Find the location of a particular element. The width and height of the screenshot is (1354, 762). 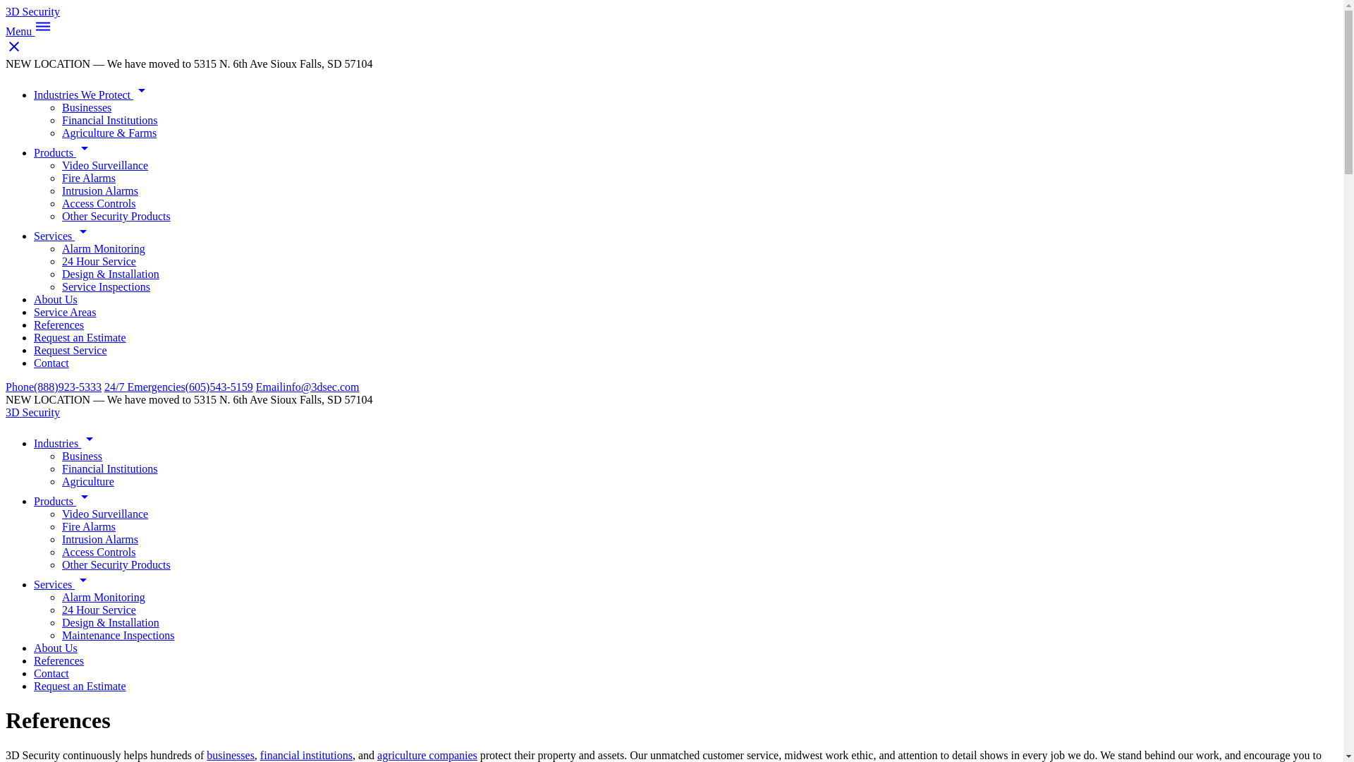

'About Us' is located at coordinates (55, 648).